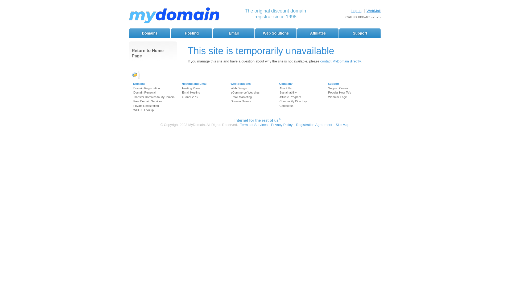 This screenshot has height=287, width=511. I want to click on 'About Us', so click(285, 88).